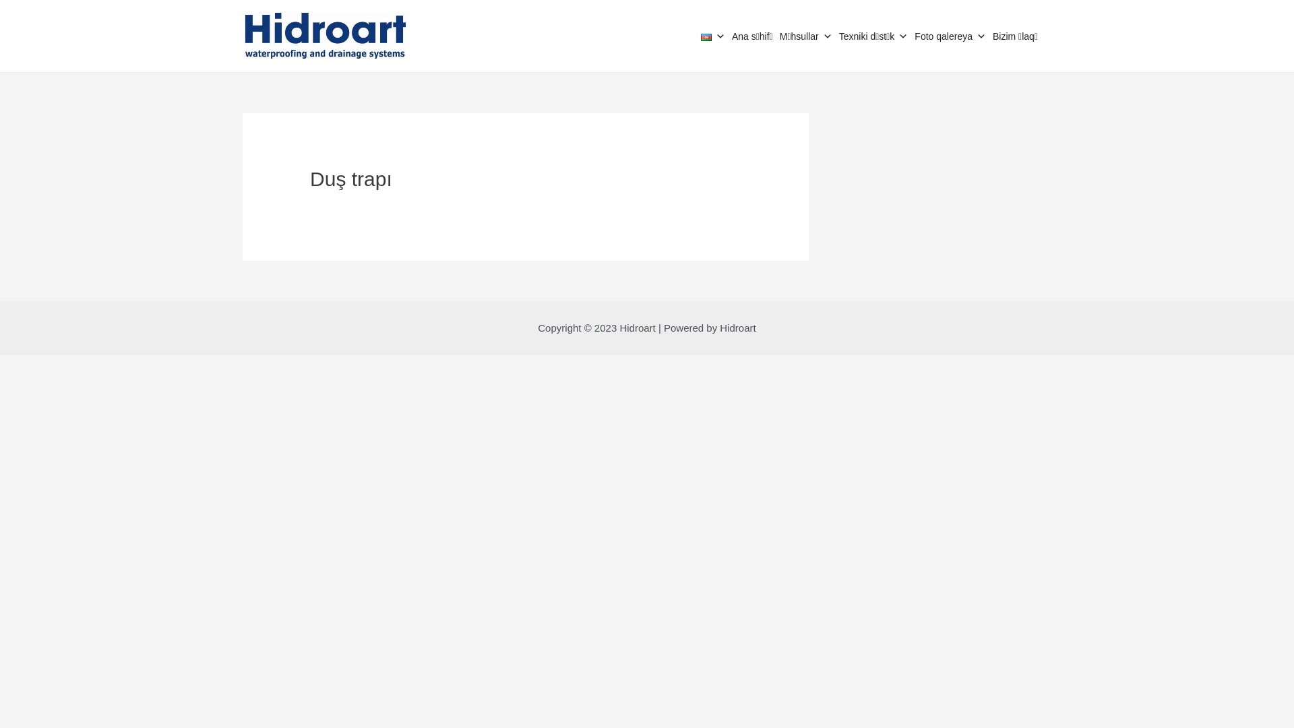  I want to click on 'Foto qalereya', so click(953, 36).